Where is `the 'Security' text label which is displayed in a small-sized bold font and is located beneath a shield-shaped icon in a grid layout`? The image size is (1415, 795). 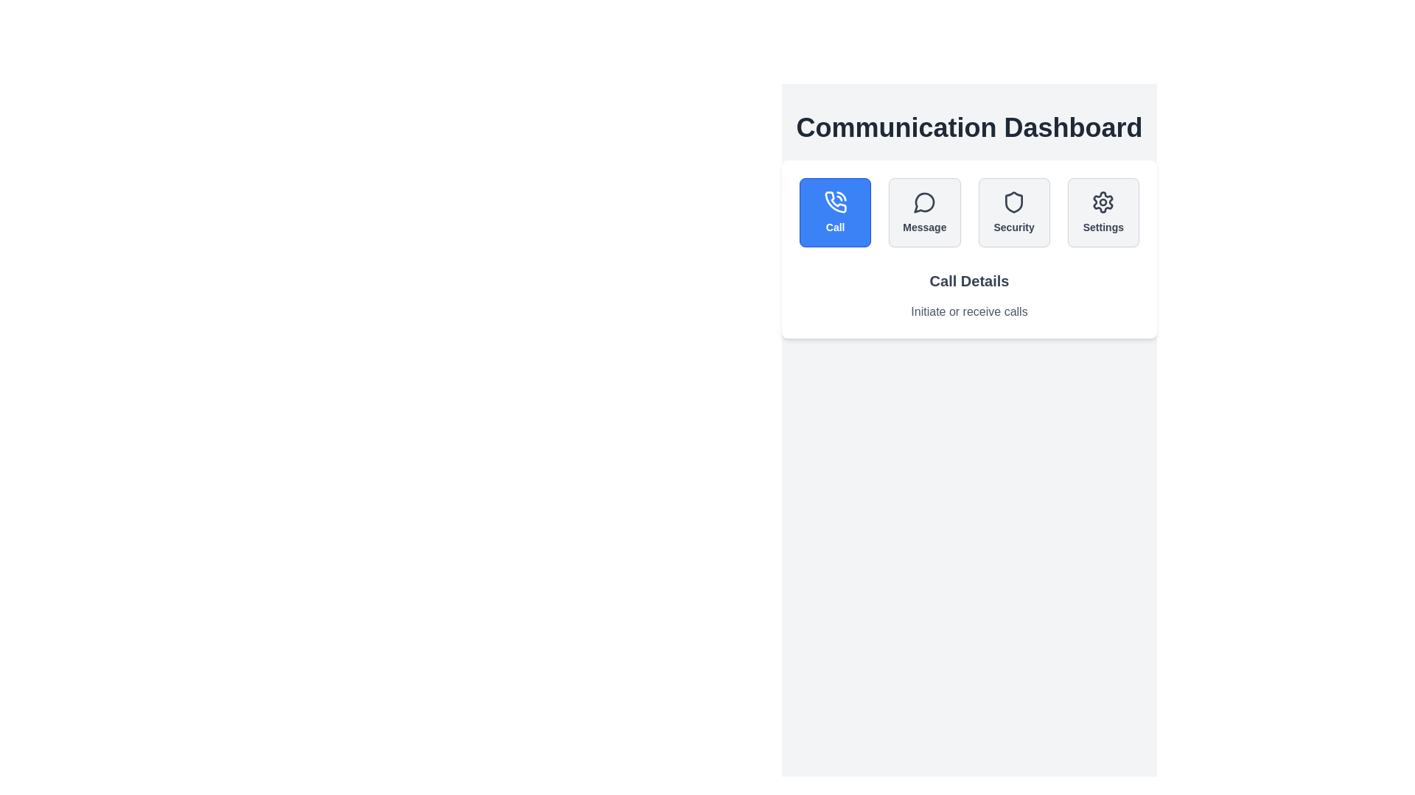
the 'Security' text label which is displayed in a small-sized bold font and is located beneath a shield-shaped icon in a grid layout is located at coordinates (1013, 227).